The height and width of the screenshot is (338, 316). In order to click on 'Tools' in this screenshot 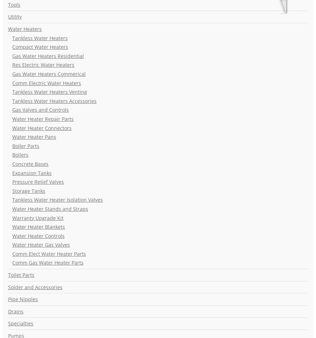, I will do `click(14, 4)`.